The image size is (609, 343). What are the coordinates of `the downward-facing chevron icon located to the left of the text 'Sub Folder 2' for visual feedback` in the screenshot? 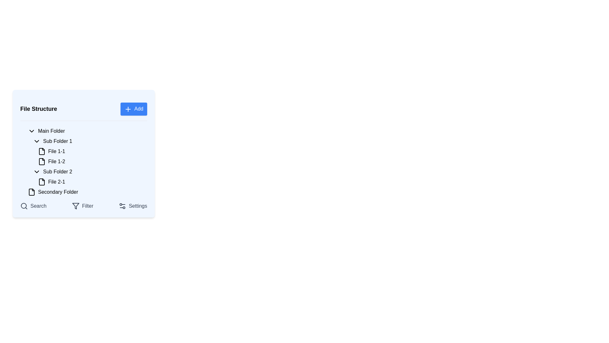 It's located at (36, 171).